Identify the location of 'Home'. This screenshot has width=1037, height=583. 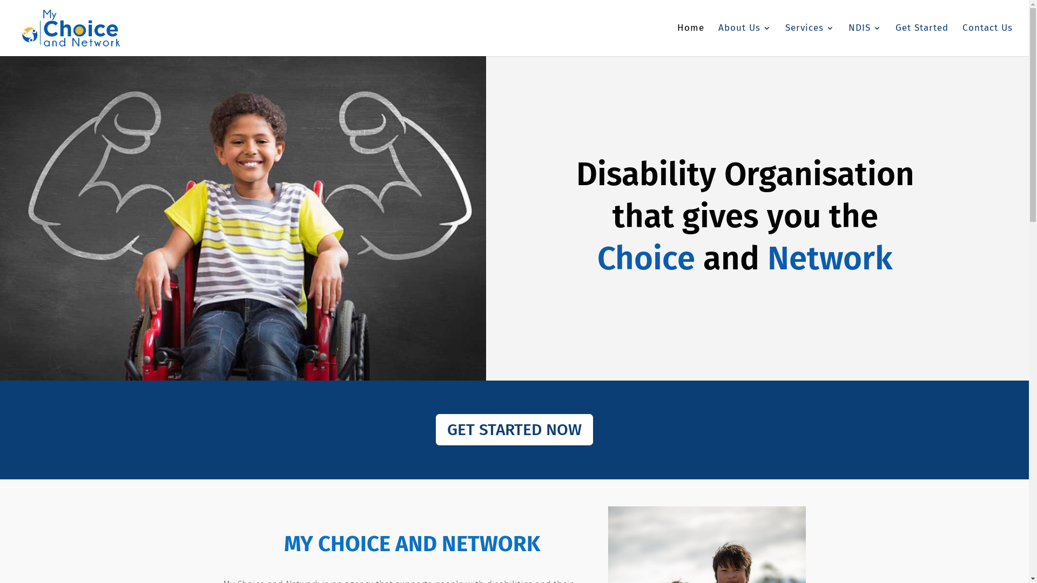
(690, 39).